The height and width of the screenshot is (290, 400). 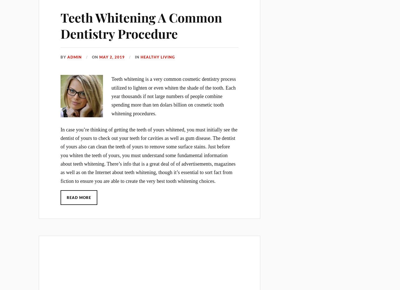 What do you see at coordinates (111, 96) in the screenshot?
I see `'Teeth whitening is a very common cosmetic dentistry process utilized to lighten or even whiten the shade of the tooth. Each year thousands if not large numbers of people combine spending more than ten dolars billion on cosmetic tooth whitening procedures.'` at bounding box center [111, 96].